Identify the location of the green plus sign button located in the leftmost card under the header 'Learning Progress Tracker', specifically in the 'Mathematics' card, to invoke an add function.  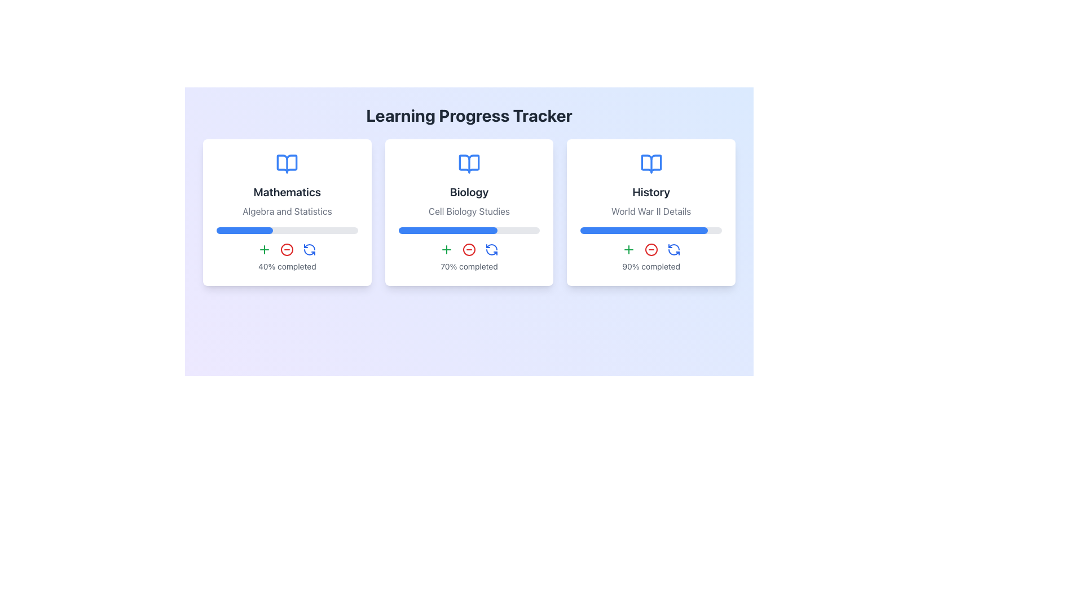
(264, 249).